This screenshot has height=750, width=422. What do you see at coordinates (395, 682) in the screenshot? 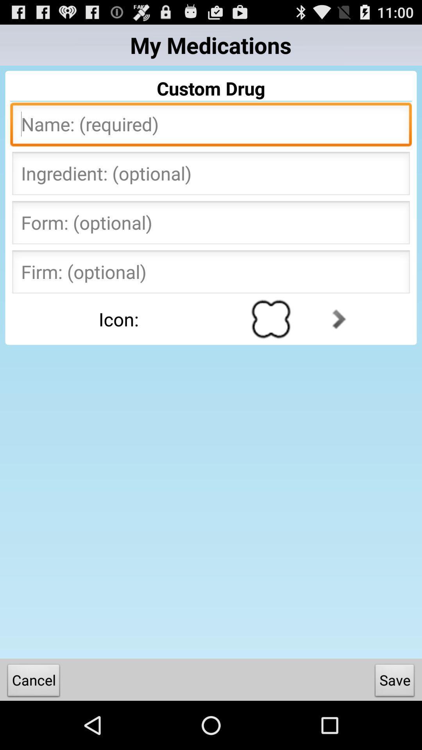
I see `item next to the cancel item` at bounding box center [395, 682].